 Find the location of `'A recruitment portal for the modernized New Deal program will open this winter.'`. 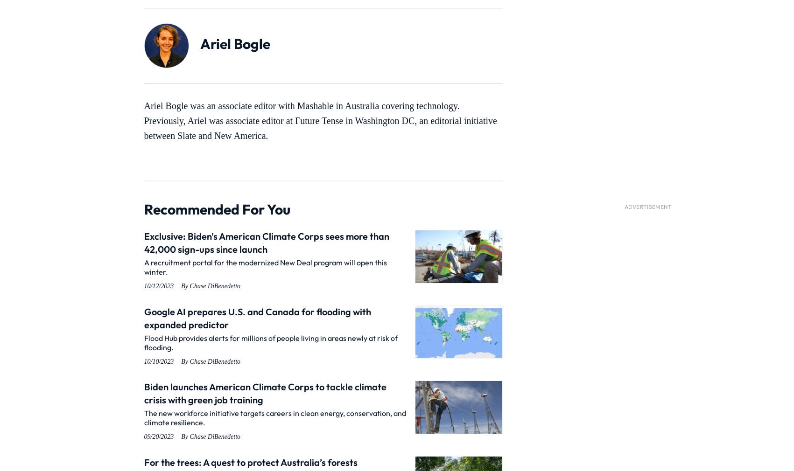

'A recruitment portal for the modernized New Deal program will open this winter.' is located at coordinates (265, 266).